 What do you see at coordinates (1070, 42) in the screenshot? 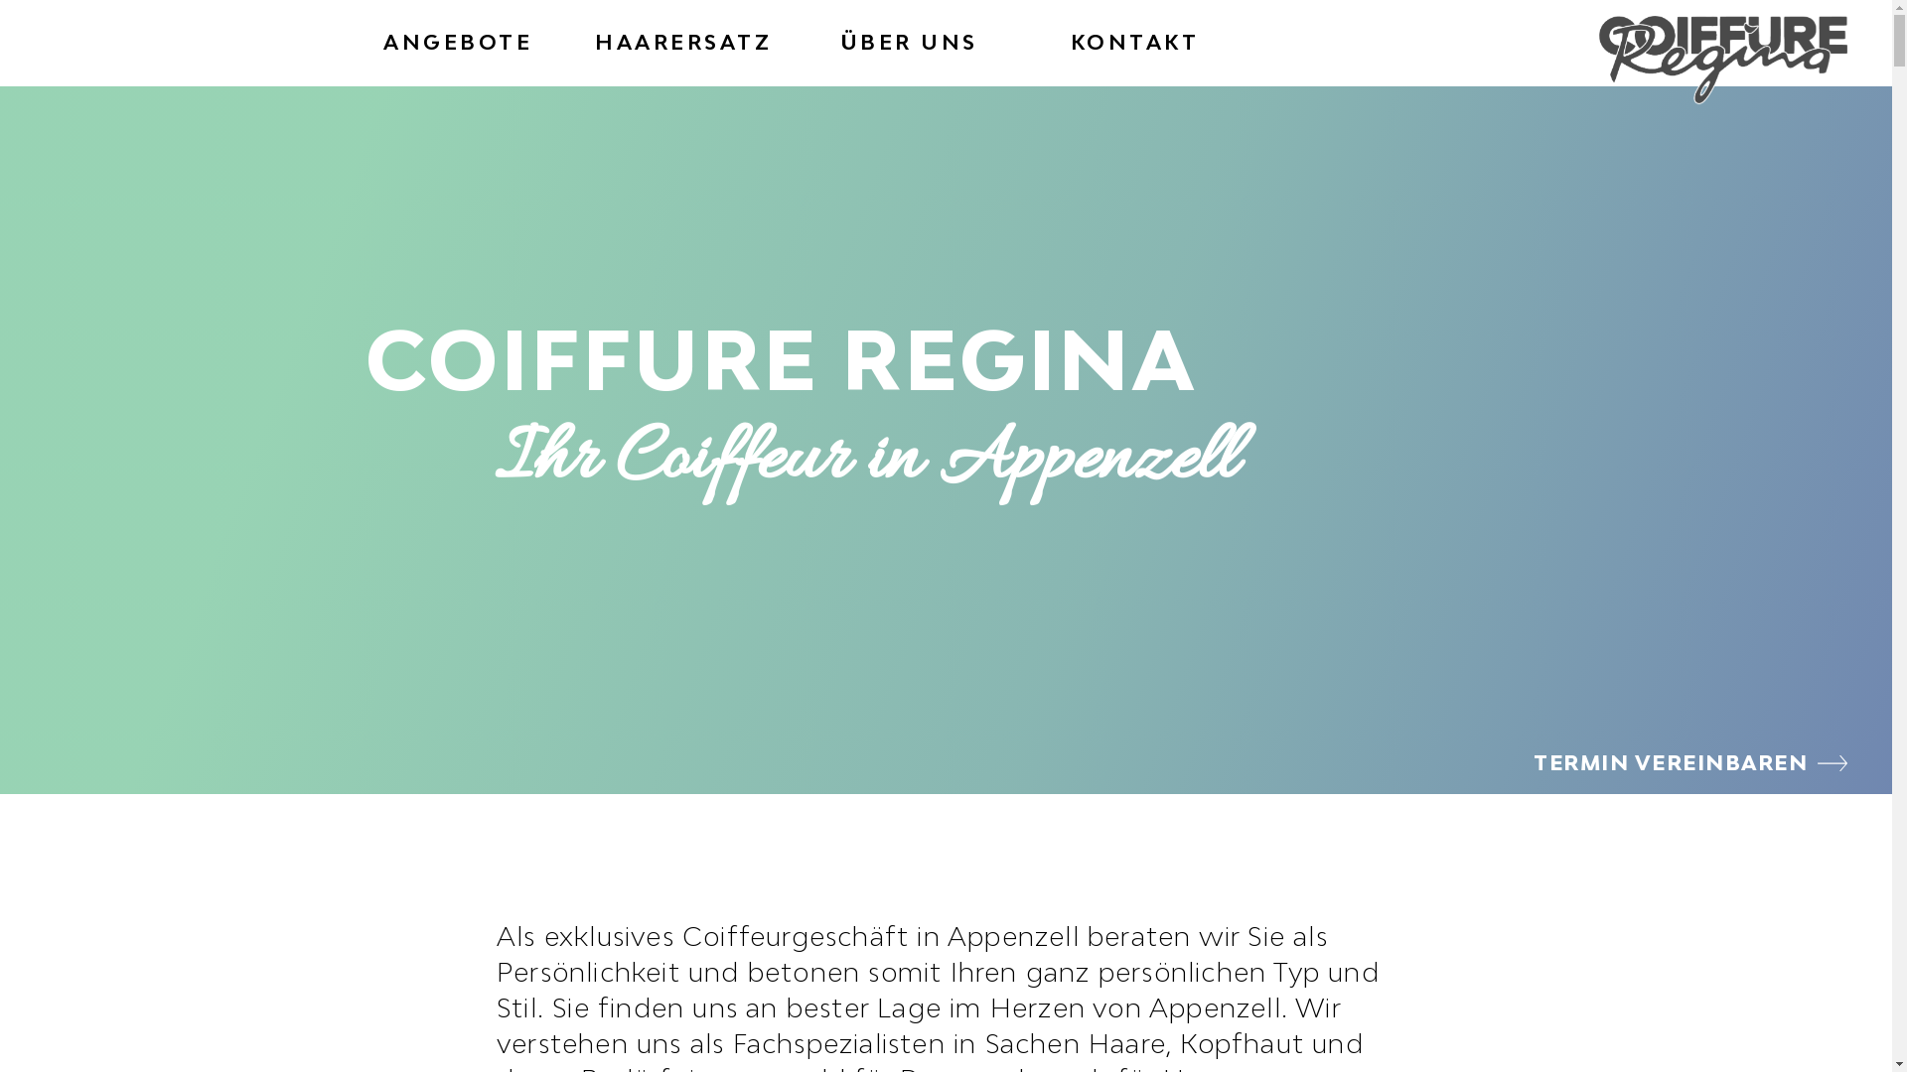
I see `'KONTAKT'` at bounding box center [1070, 42].